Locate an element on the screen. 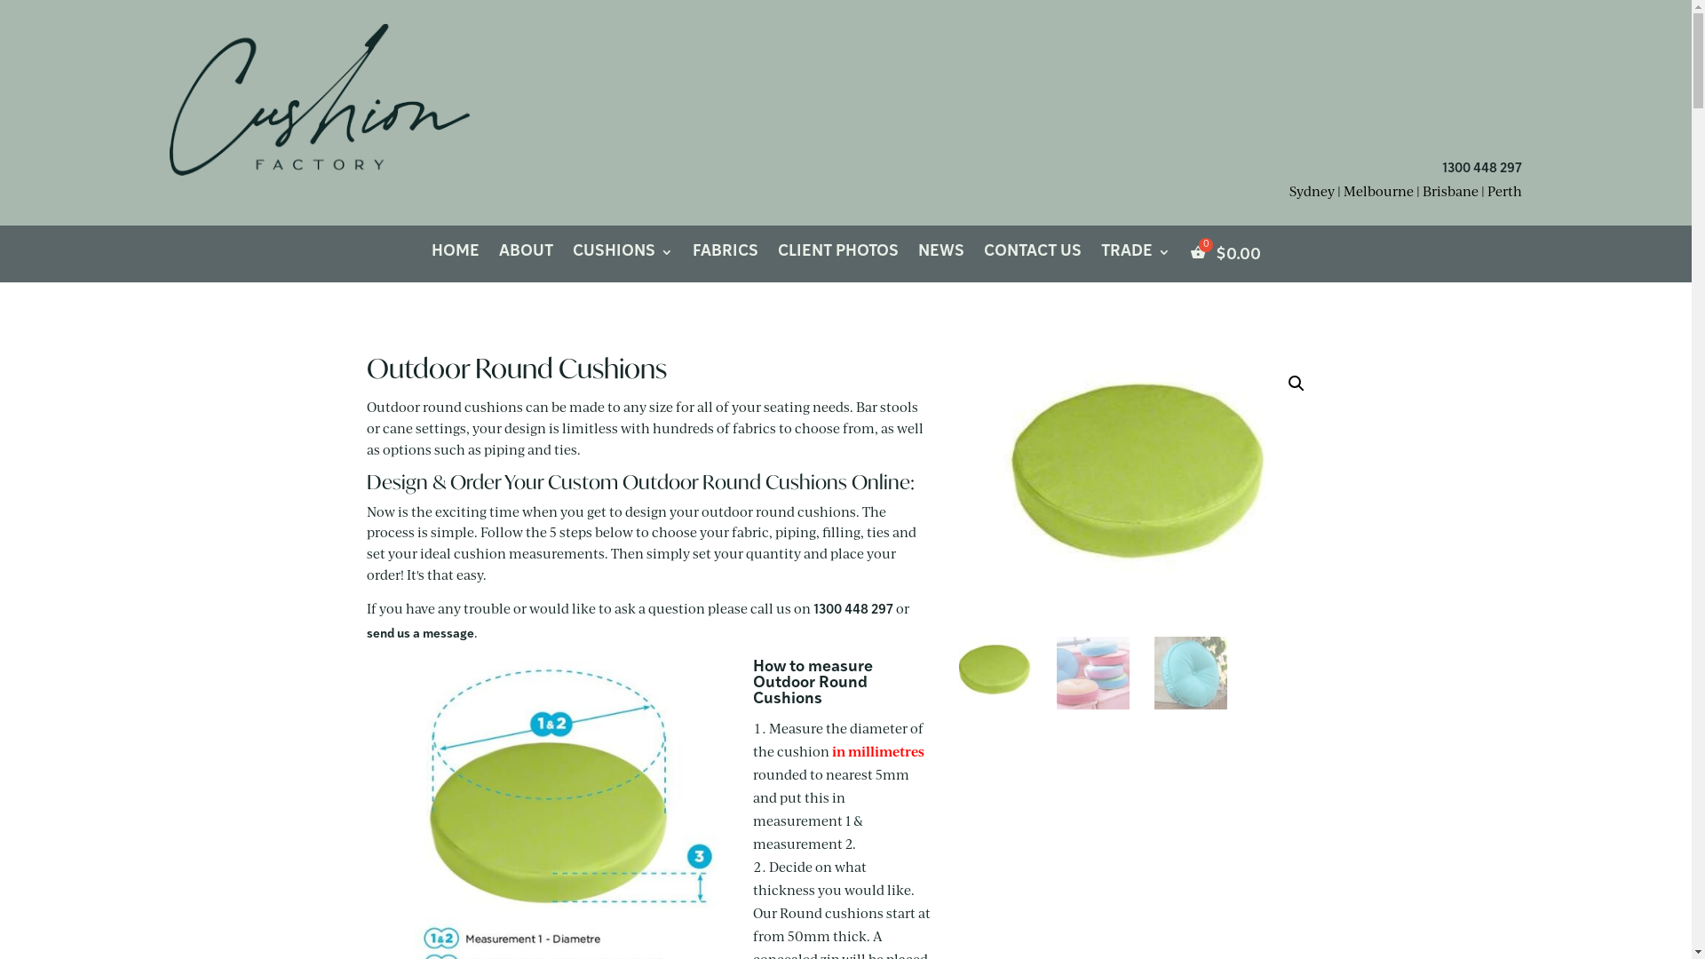  'CUSHIONS' is located at coordinates (622, 257).